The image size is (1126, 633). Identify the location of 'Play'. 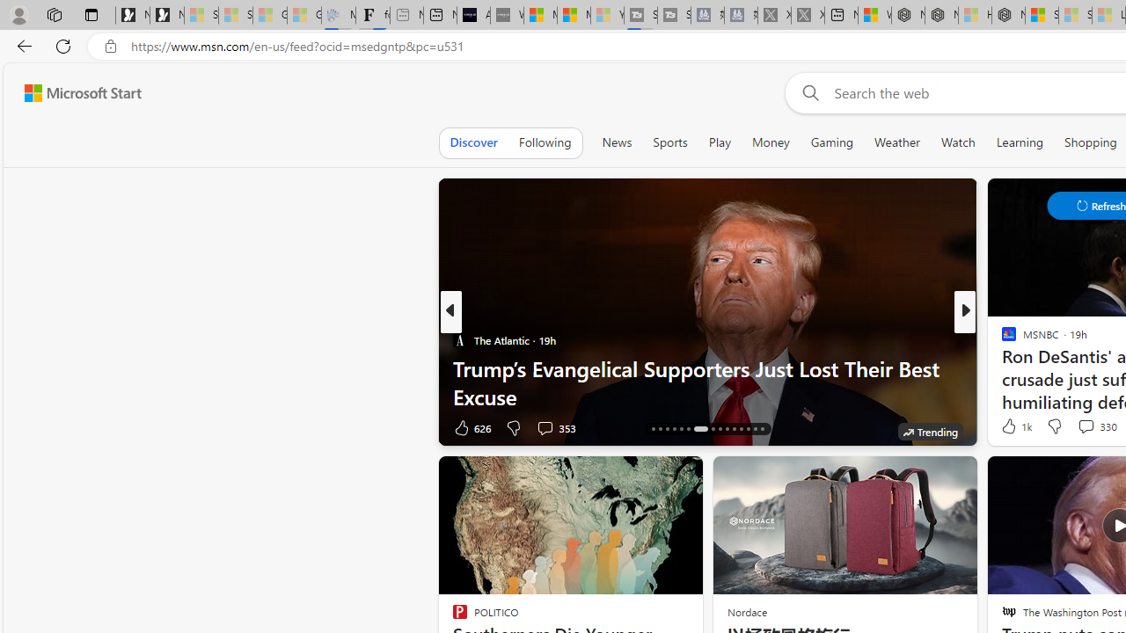
(719, 142).